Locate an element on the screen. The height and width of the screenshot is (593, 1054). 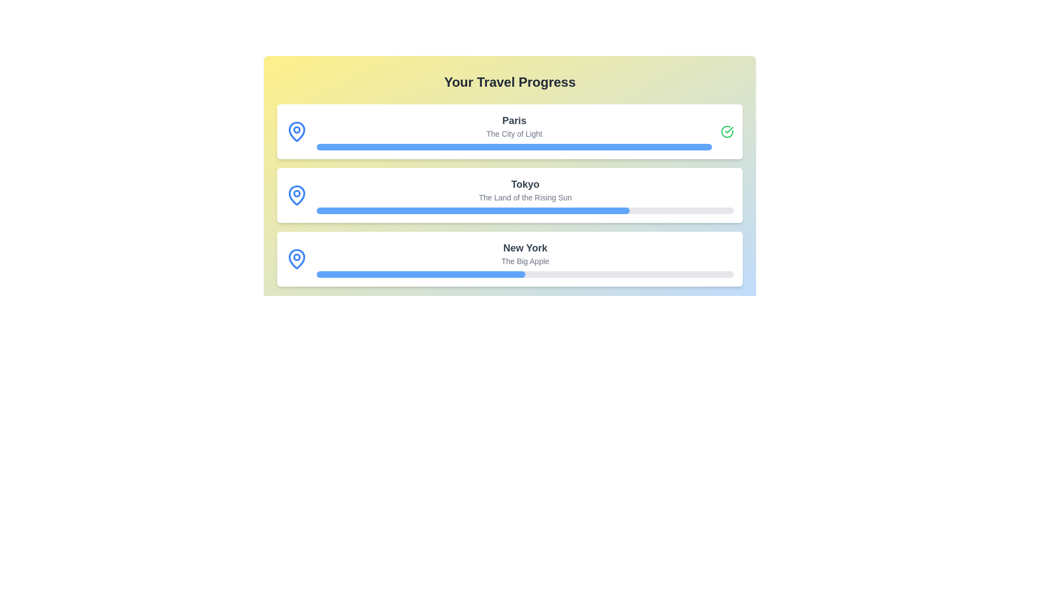
the vertically stacked list of informational cards representing the cities Paris, Tokyo, and New York is located at coordinates (509, 194).